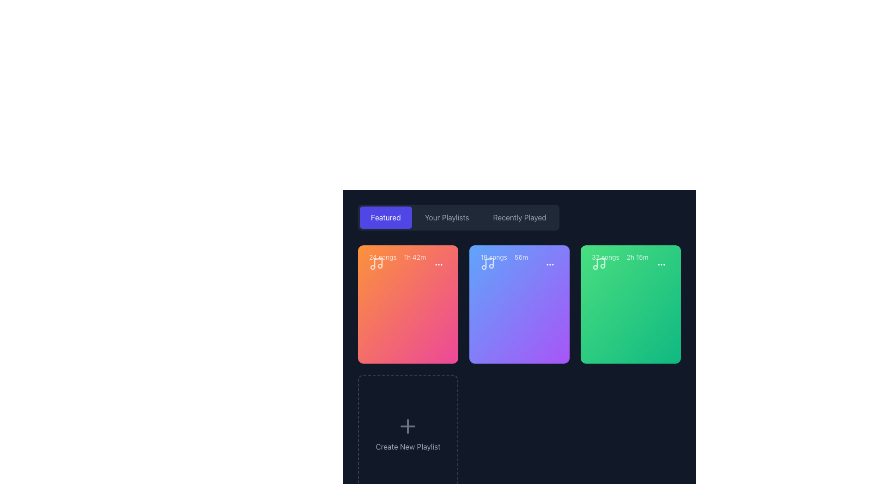 The height and width of the screenshot is (499, 887). I want to click on the 'Featured' button, which is a prominent rectangular button with indigo background and white text, located at the top-left corner of a group of three buttons, so click(386, 217).